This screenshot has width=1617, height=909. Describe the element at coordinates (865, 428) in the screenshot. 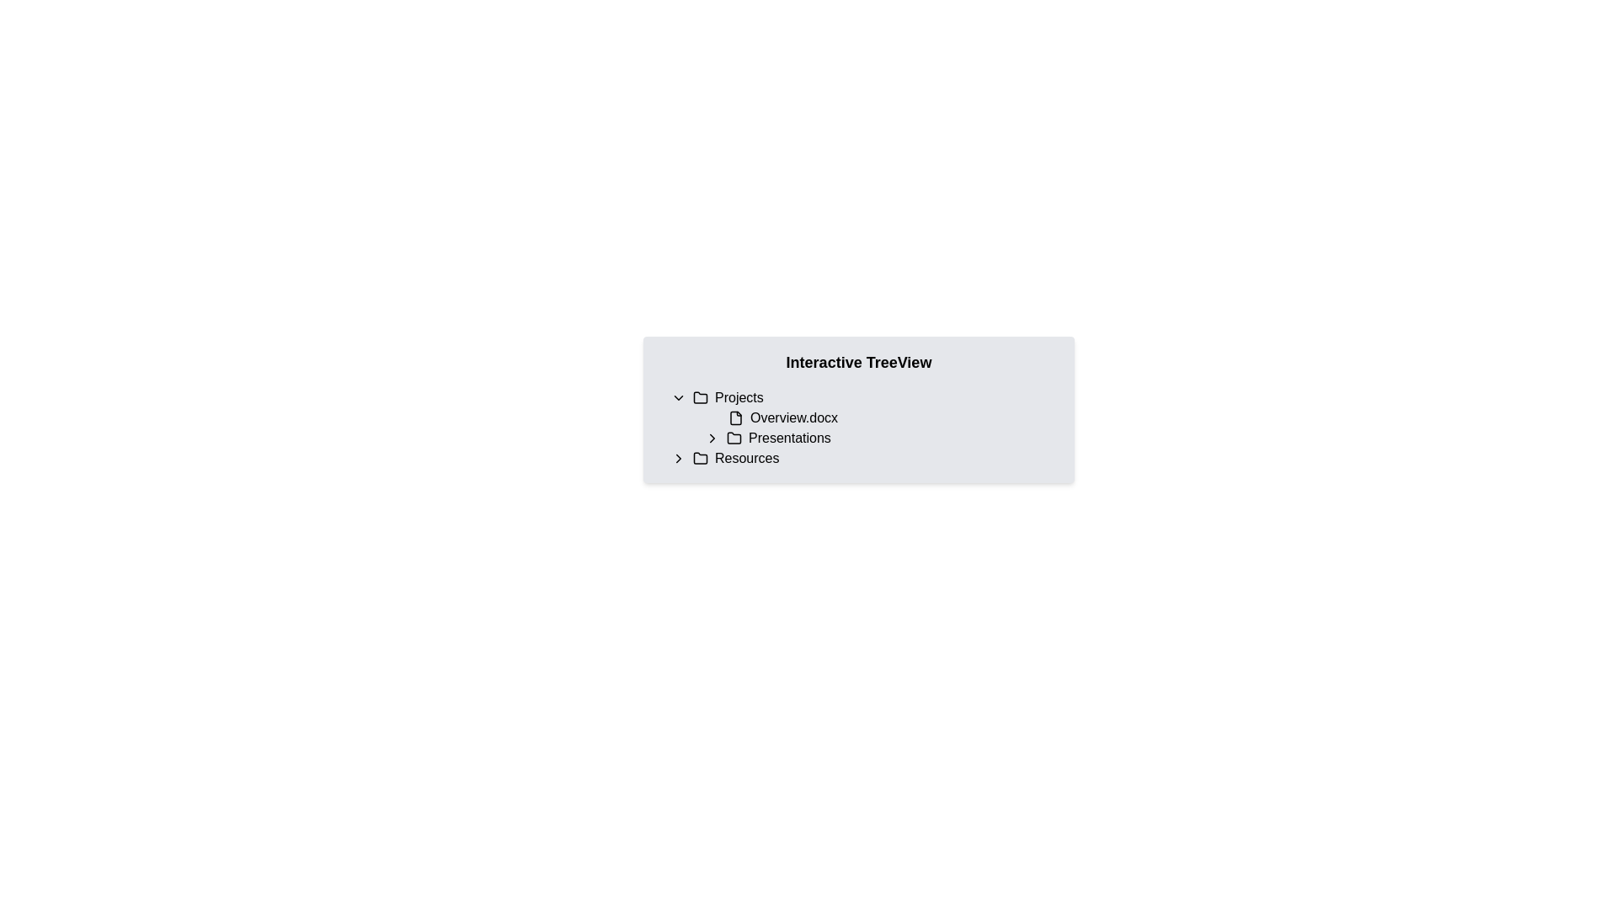

I see `the 'Presentations' folder item in the tree view` at that location.